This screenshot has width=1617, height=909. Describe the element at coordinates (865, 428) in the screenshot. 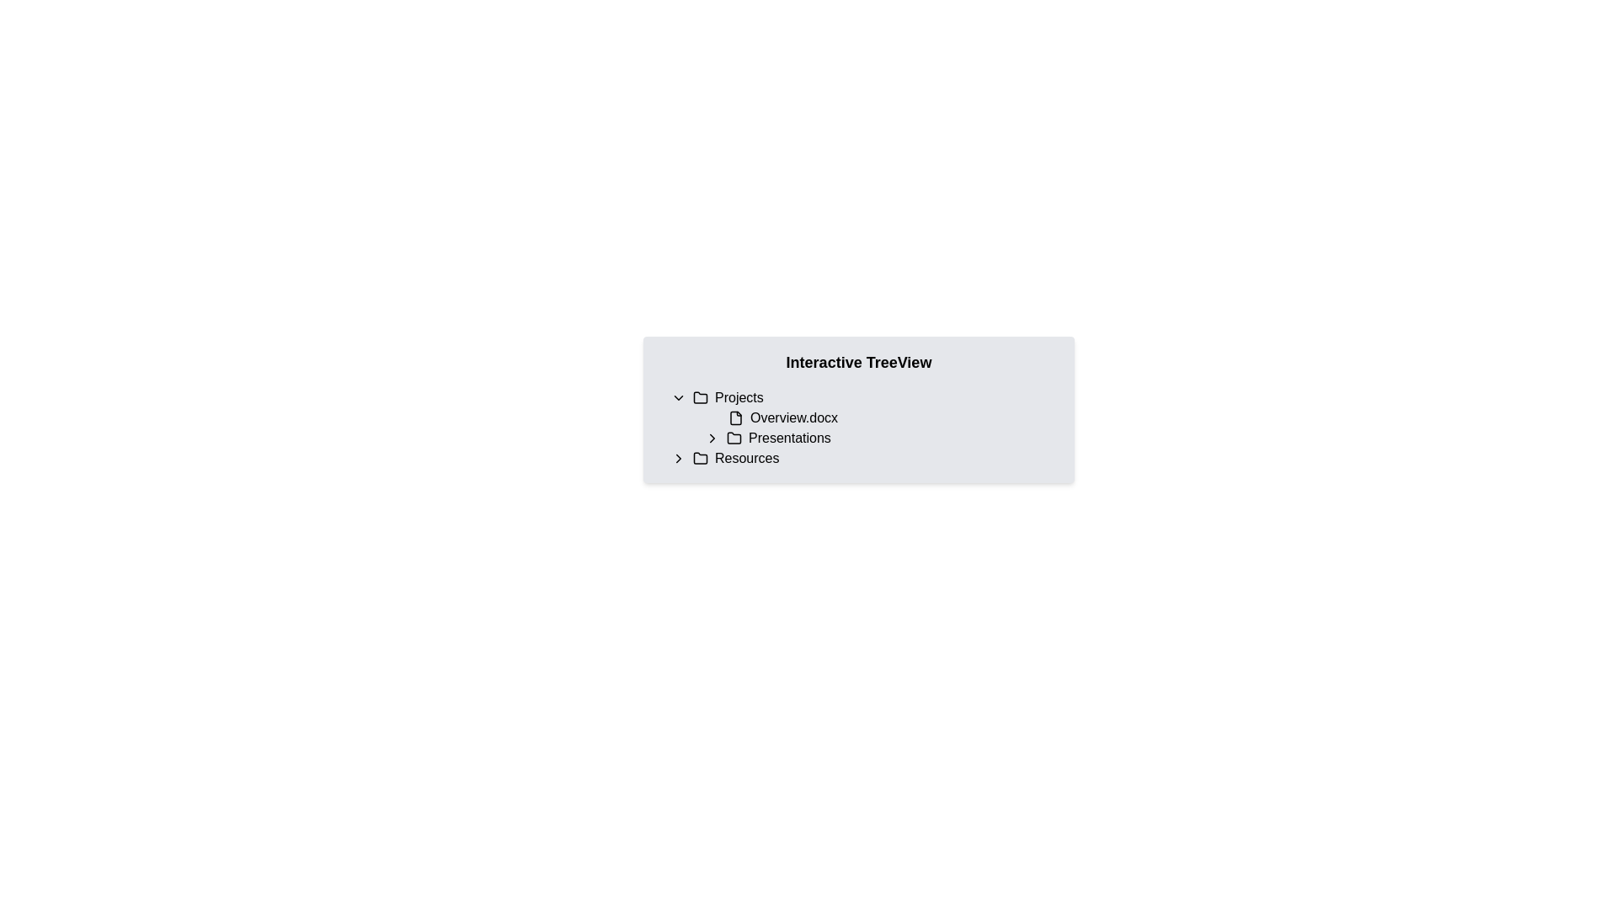

I see `the 'Presentations' folder item in the tree view` at that location.